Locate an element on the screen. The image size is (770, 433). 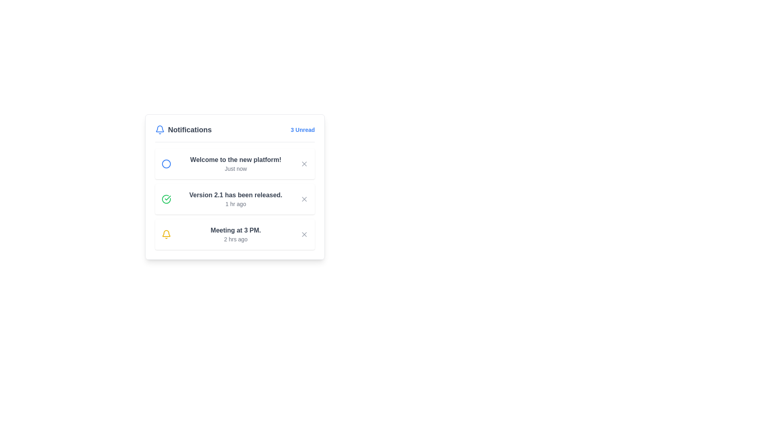
the circular icon with a blue outline located to the left of the notification message 'Welcome to the new platform!' is located at coordinates (166, 163).